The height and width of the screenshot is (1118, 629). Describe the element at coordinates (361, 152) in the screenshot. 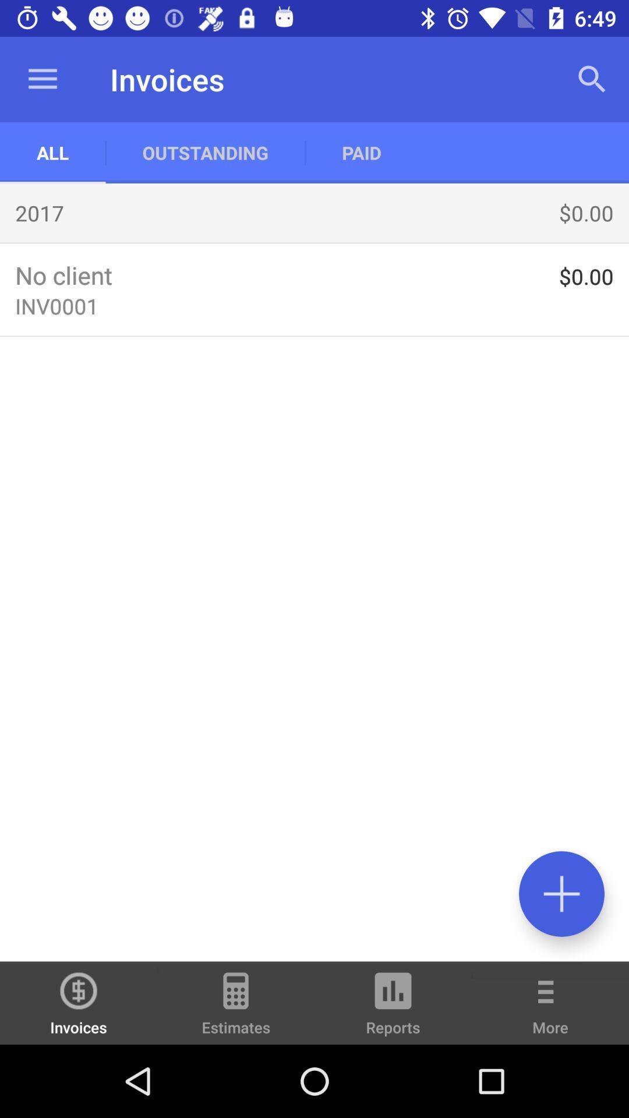

I see `paid item` at that location.